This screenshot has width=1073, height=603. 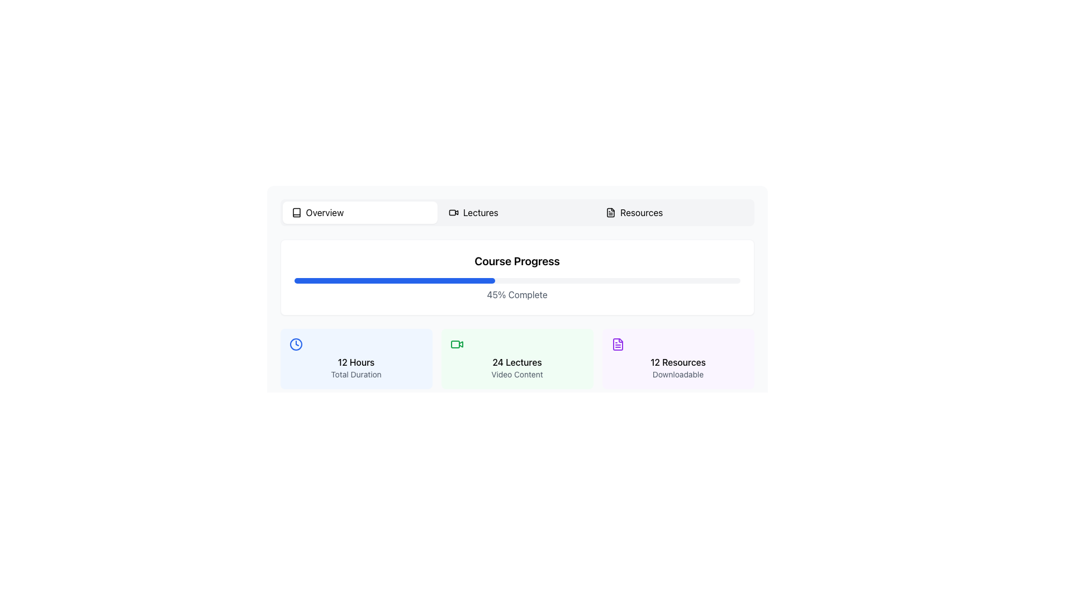 What do you see at coordinates (677, 359) in the screenshot?
I see `the informational card that indicates the availability of 12 downloadable resources related to the course, located in the third column beneath the 'Course Progress' section` at bounding box center [677, 359].